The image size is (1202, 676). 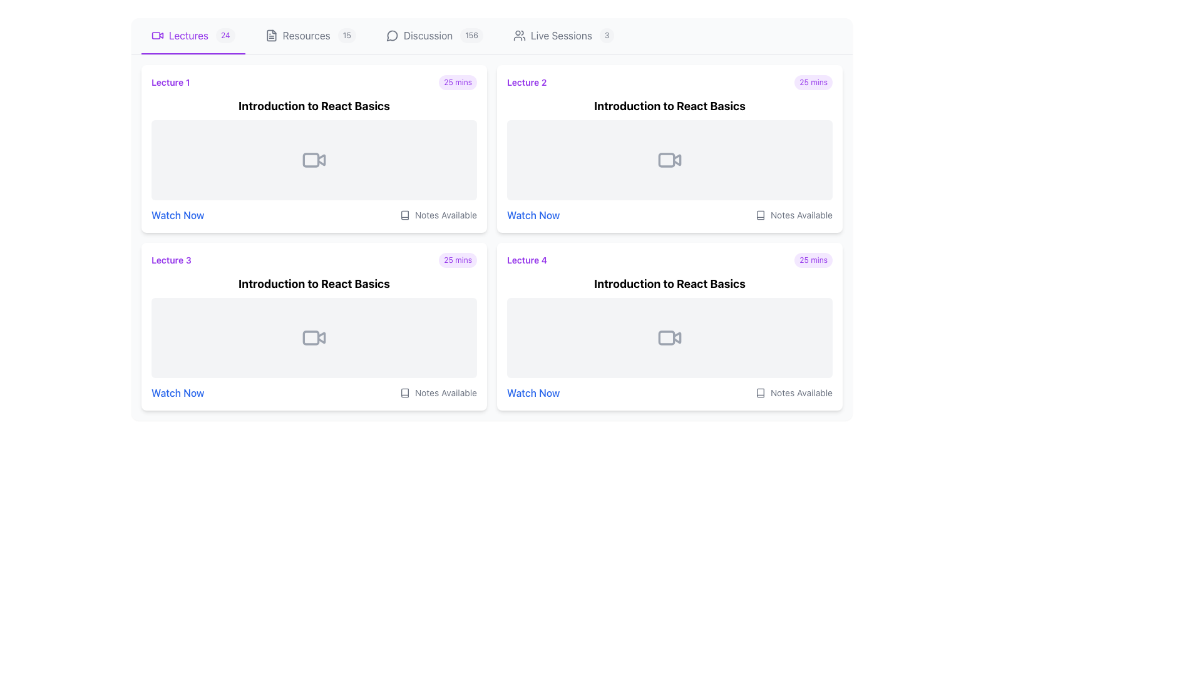 What do you see at coordinates (405, 214) in the screenshot?
I see `the notes availability icon located to the left of the 'Notes Available' text, which is positioned beneath the video thumbnail area for Lecture 1` at bounding box center [405, 214].